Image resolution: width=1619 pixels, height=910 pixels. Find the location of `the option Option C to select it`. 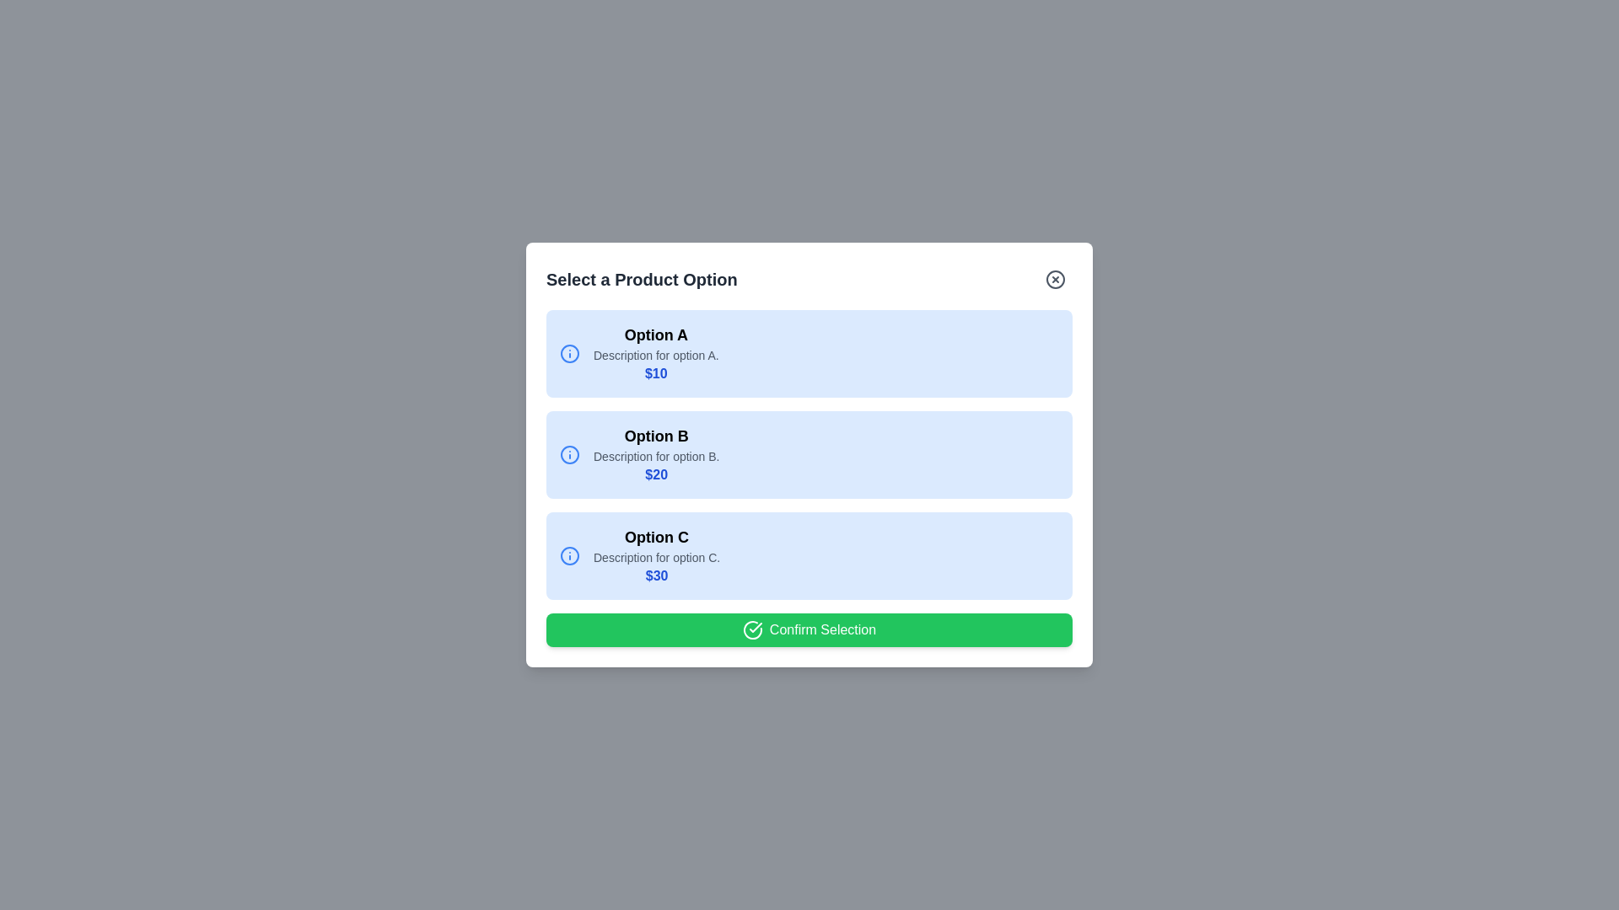

the option Option C to select it is located at coordinates (809, 555).